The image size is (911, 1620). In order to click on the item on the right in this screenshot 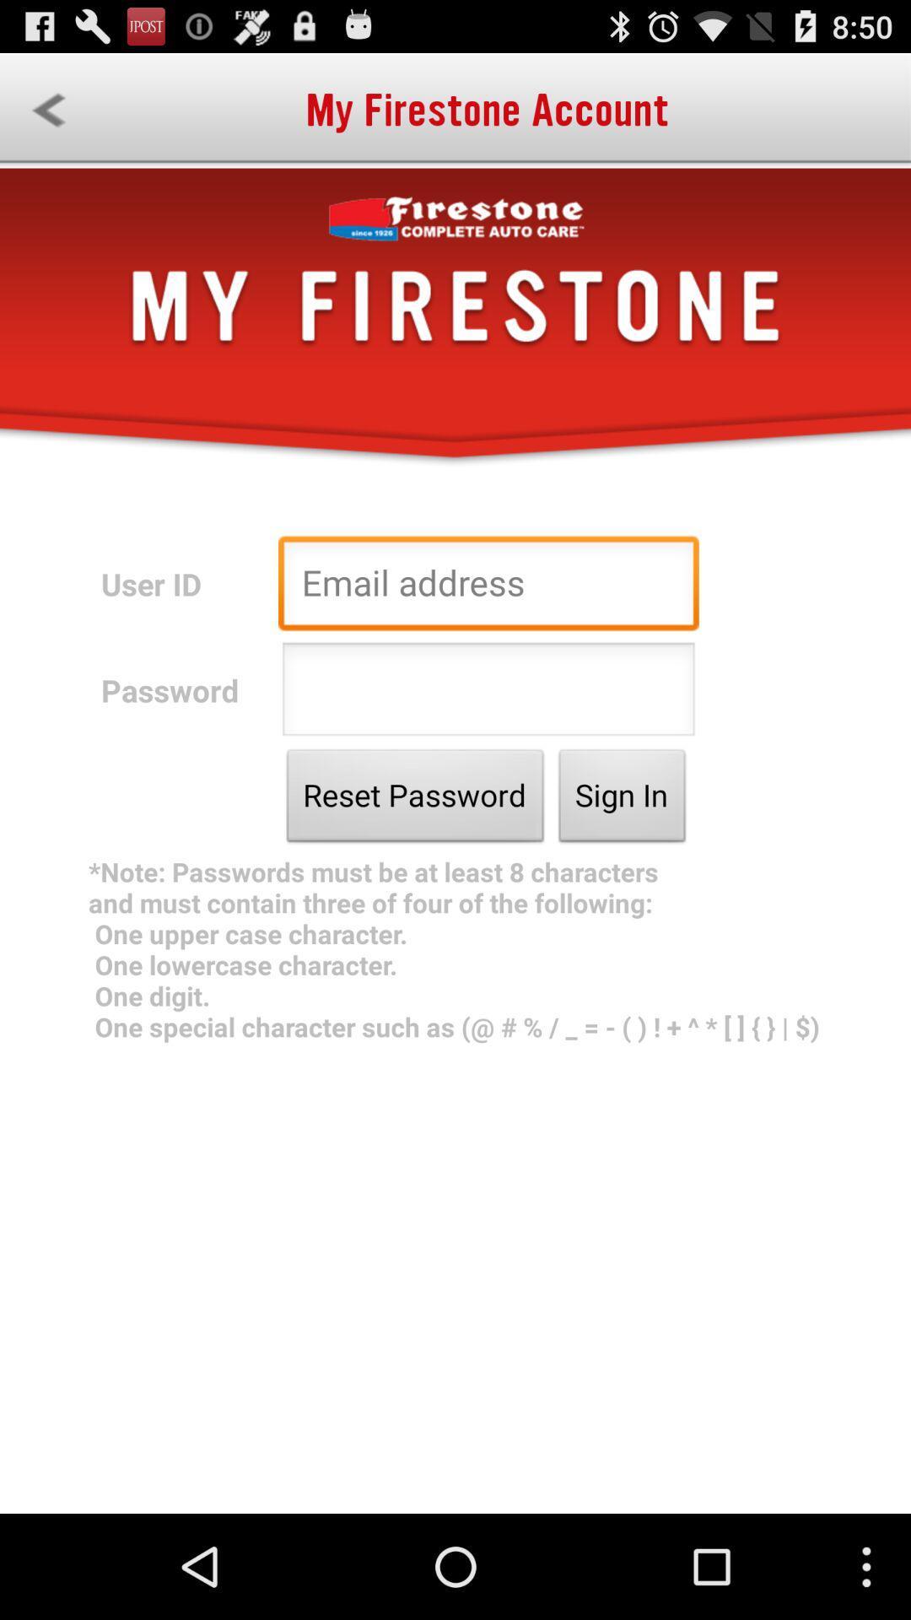, I will do `click(622, 799)`.